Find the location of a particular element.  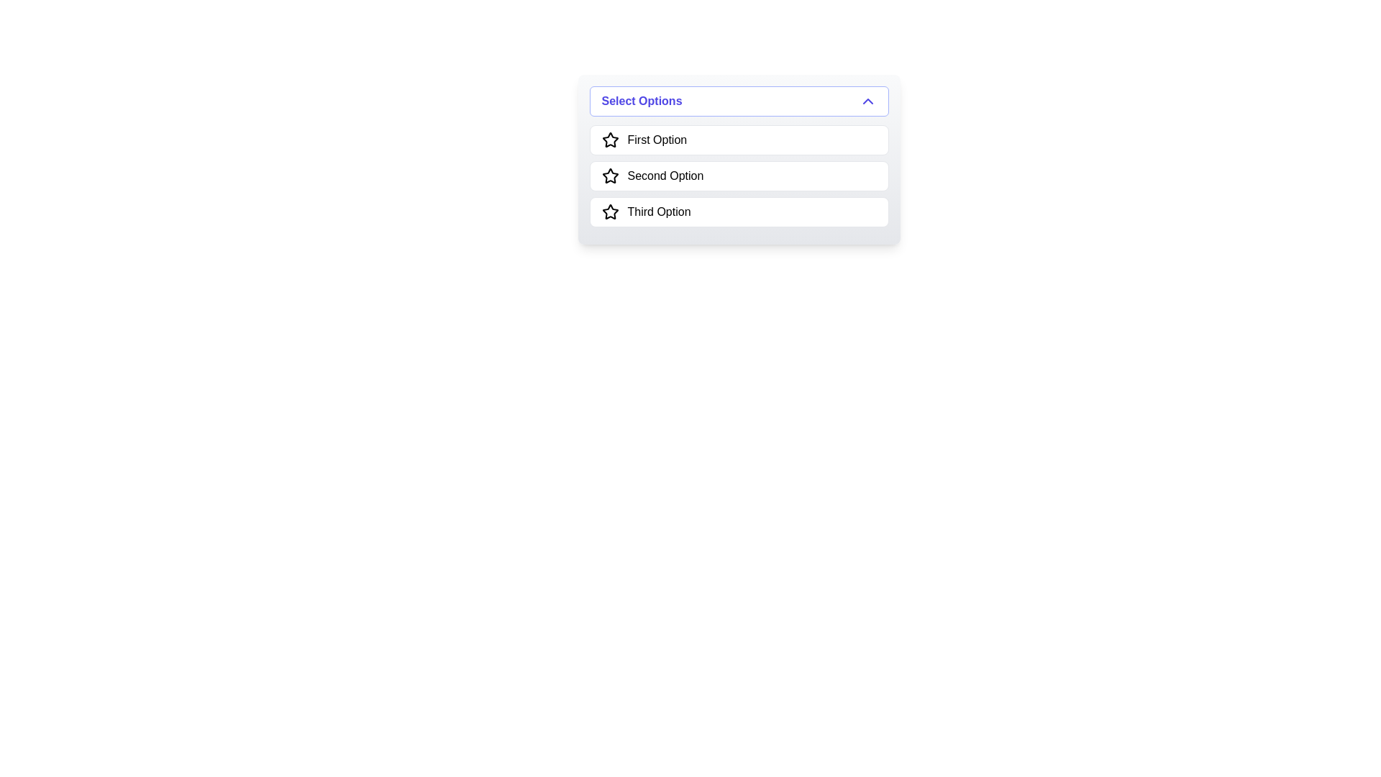

text from the 'Second Option' label, which is a selectable item in the list aligned to the right of a star icon is located at coordinates (665, 176).